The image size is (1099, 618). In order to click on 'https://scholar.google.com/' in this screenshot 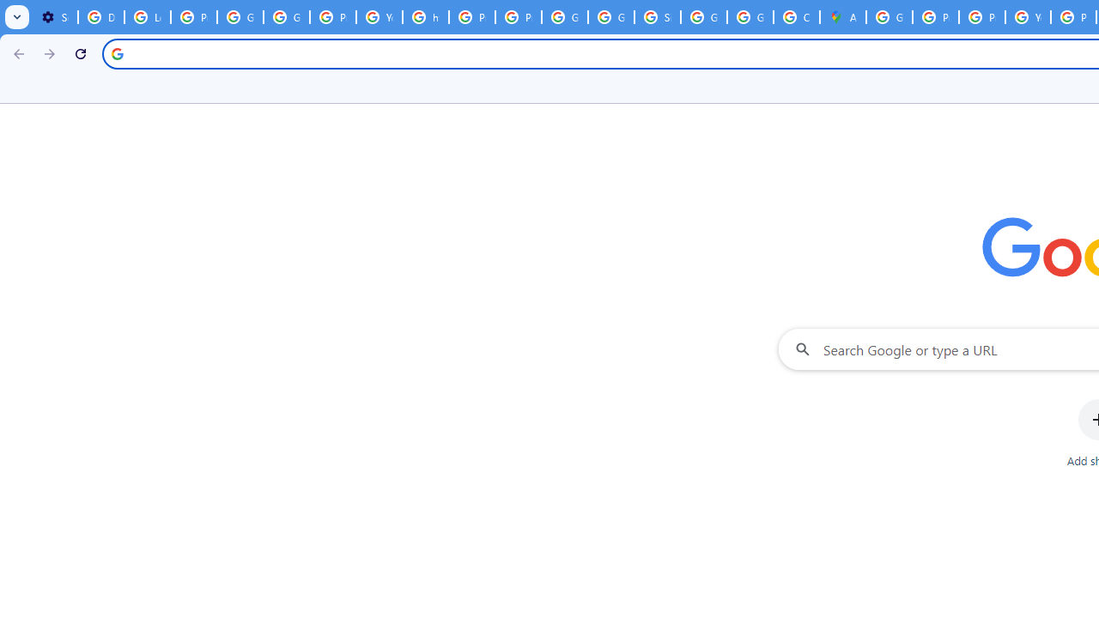, I will do `click(426, 17)`.